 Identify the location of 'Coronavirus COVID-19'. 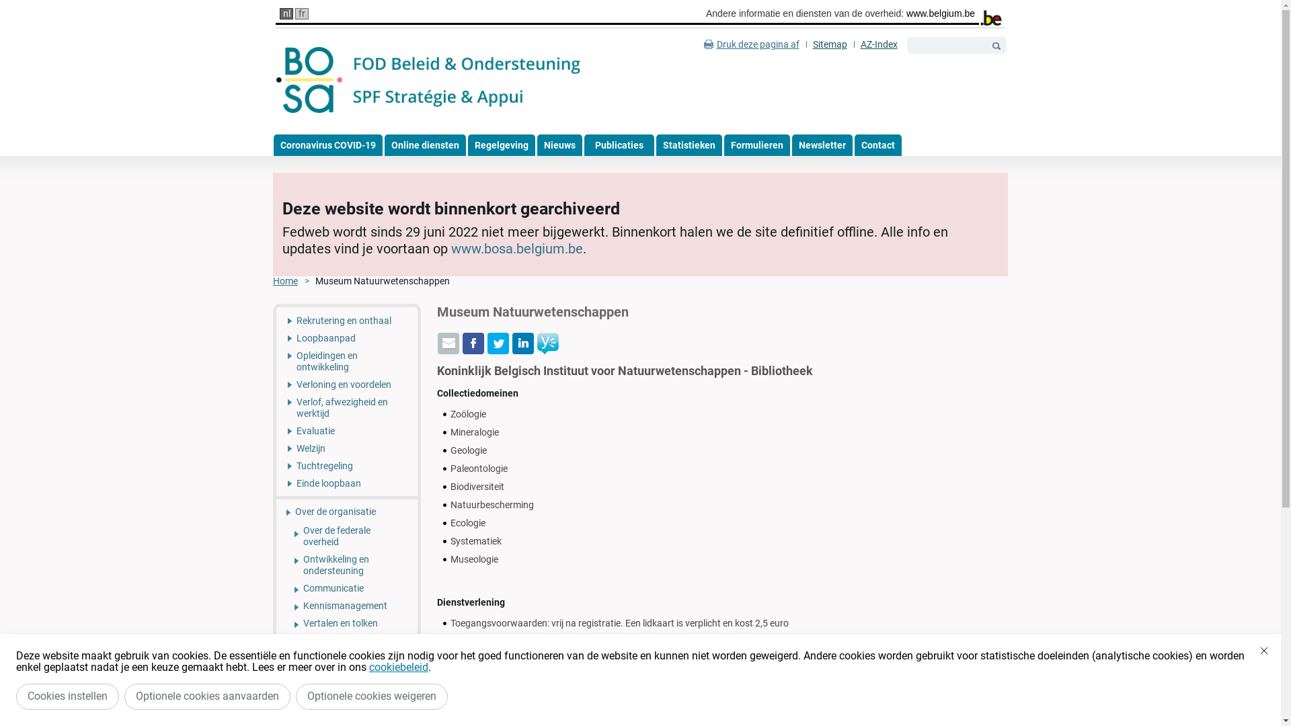
(327, 145).